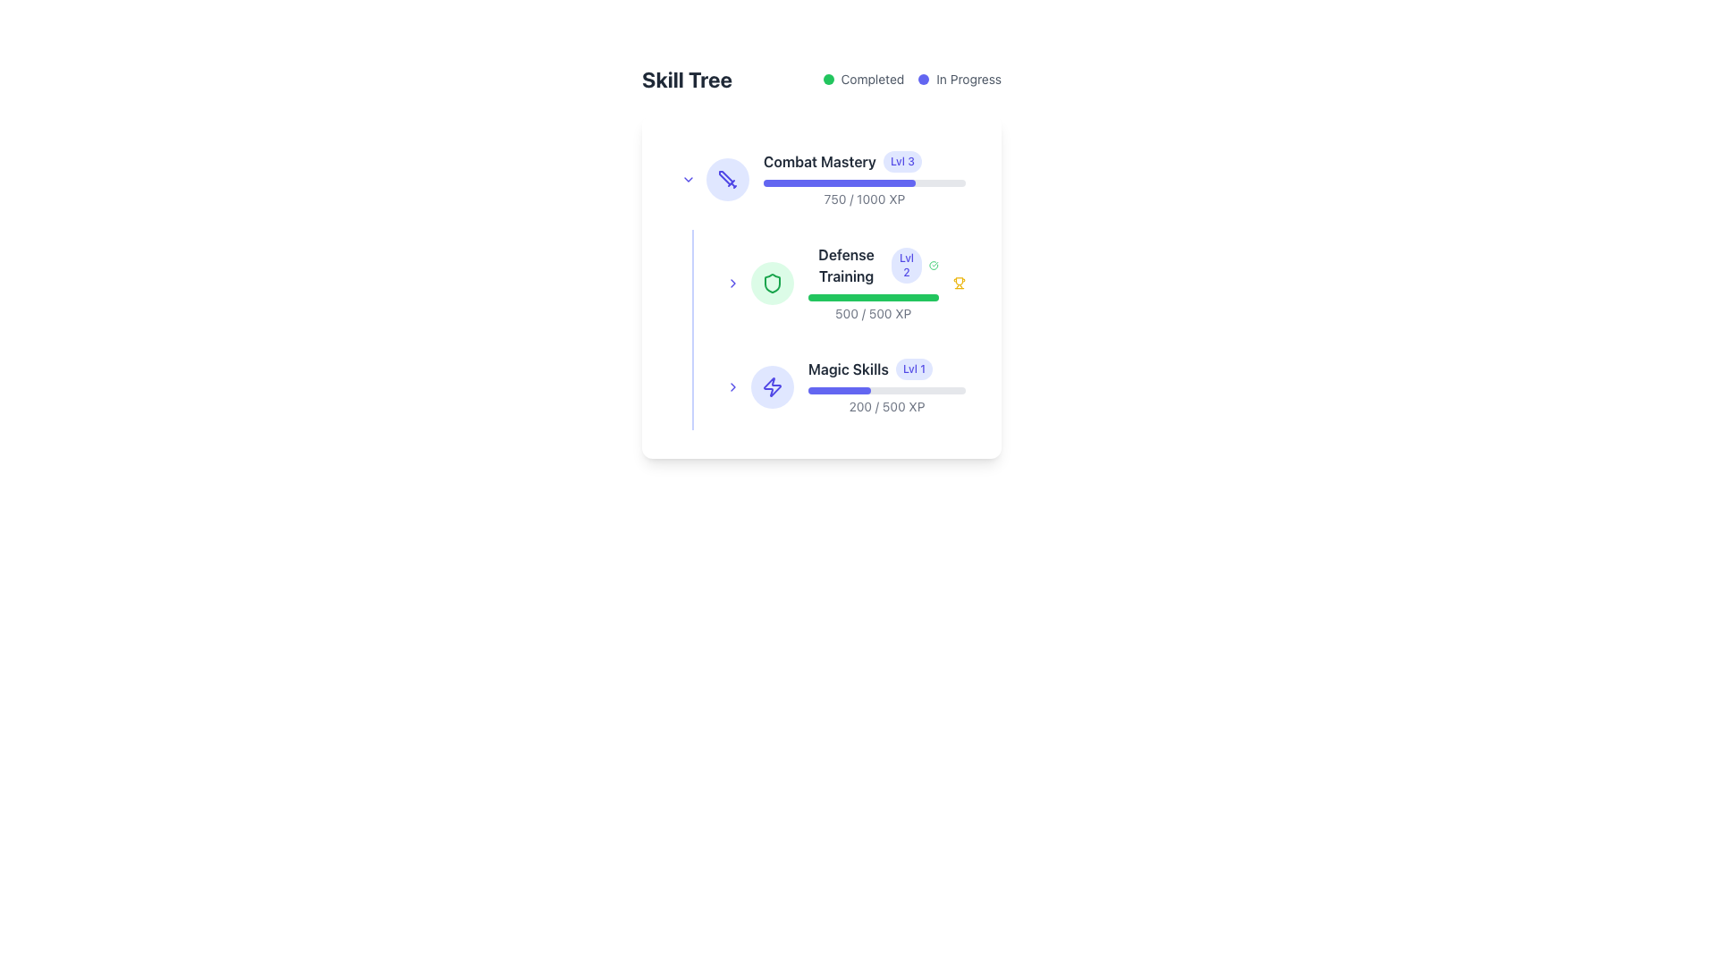 This screenshot has height=966, width=1717. What do you see at coordinates (887, 368) in the screenshot?
I see `the element displaying 'Magic Skills' with a blue 'Lvl 1' label, located in the skill tree interface below 'Defense Training Lvl 2'` at bounding box center [887, 368].